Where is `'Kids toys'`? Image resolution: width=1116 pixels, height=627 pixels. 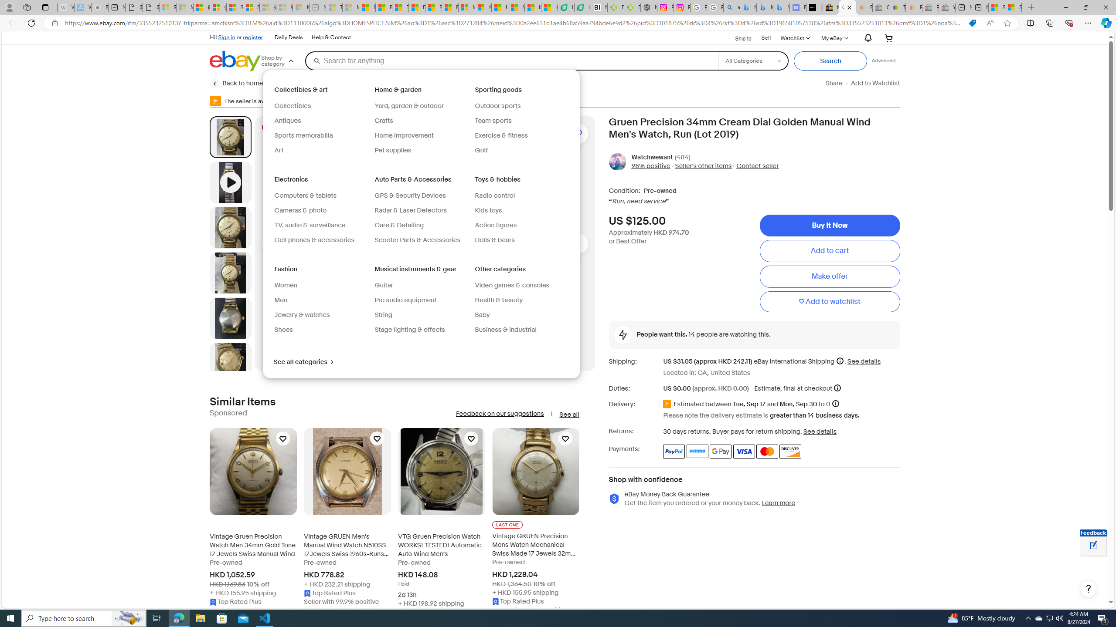 'Kids toys' is located at coordinates (521, 210).